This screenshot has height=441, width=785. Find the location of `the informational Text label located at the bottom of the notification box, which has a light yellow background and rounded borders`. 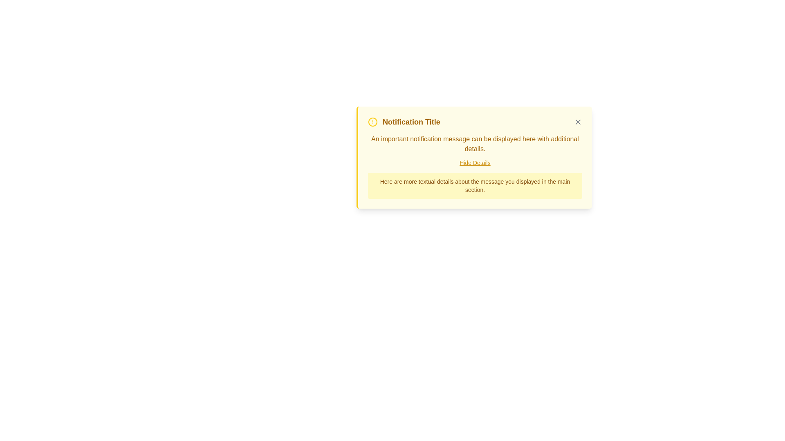

the informational Text label located at the bottom of the notification box, which has a light yellow background and rounded borders is located at coordinates (475, 186).